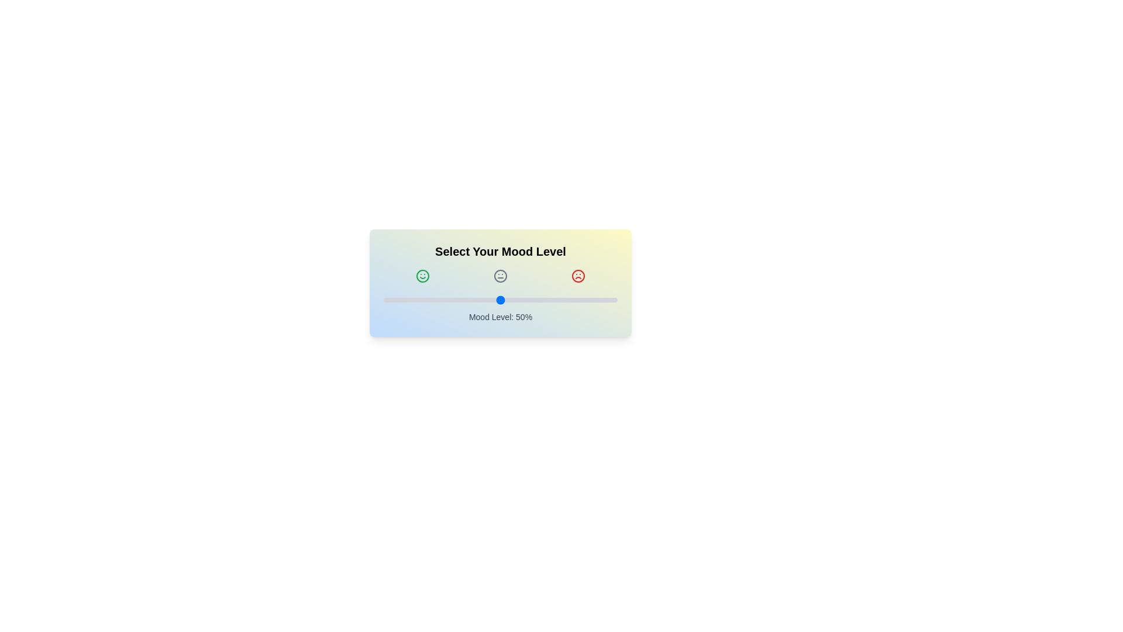  Describe the element at coordinates (575, 300) in the screenshot. I see `the mood level` at that location.